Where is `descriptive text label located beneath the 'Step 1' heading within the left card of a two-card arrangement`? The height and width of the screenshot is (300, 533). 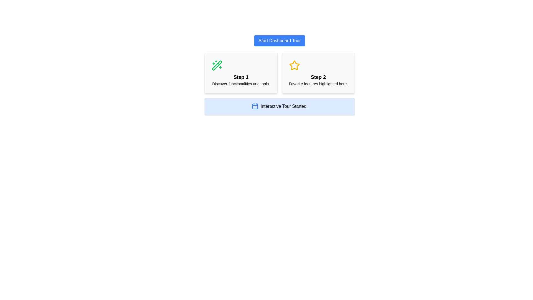 descriptive text label located beneath the 'Step 1' heading within the left card of a two-card arrangement is located at coordinates (241, 84).